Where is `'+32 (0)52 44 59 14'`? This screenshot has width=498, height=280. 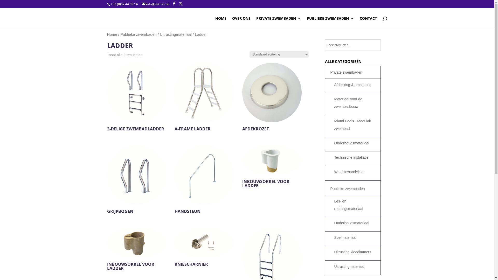 '+32 (0)52 44 59 14' is located at coordinates (124, 4).